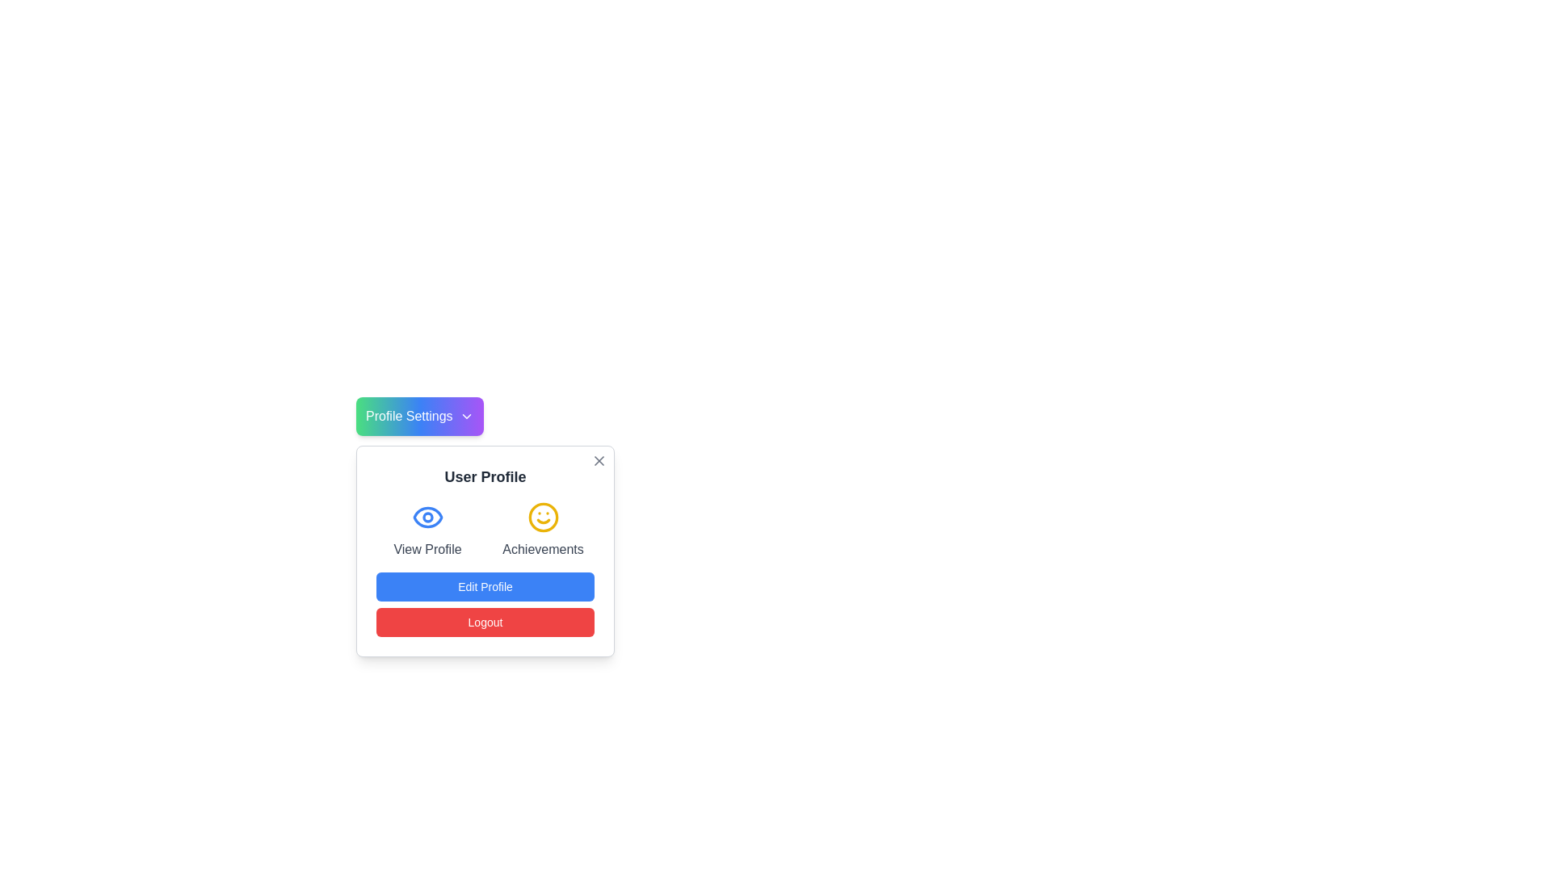 This screenshot has height=872, width=1551. I want to click on the circular graphic icon with a yellow outline, which is centered on the larger smiley face icon located to the right of the 'Achievements' text in the user profile card, so click(543, 517).